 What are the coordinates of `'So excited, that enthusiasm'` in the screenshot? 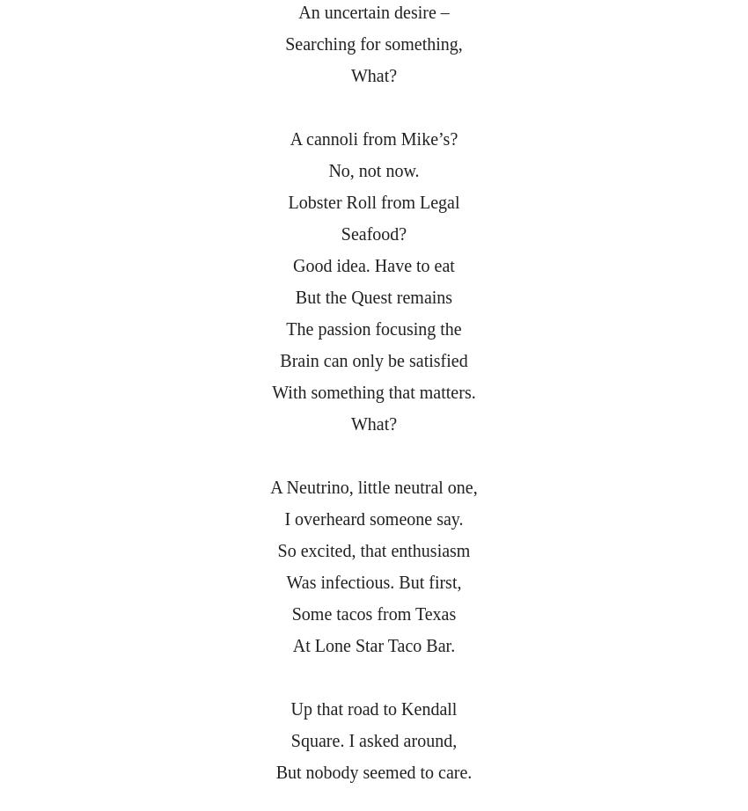 It's located at (277, 551).